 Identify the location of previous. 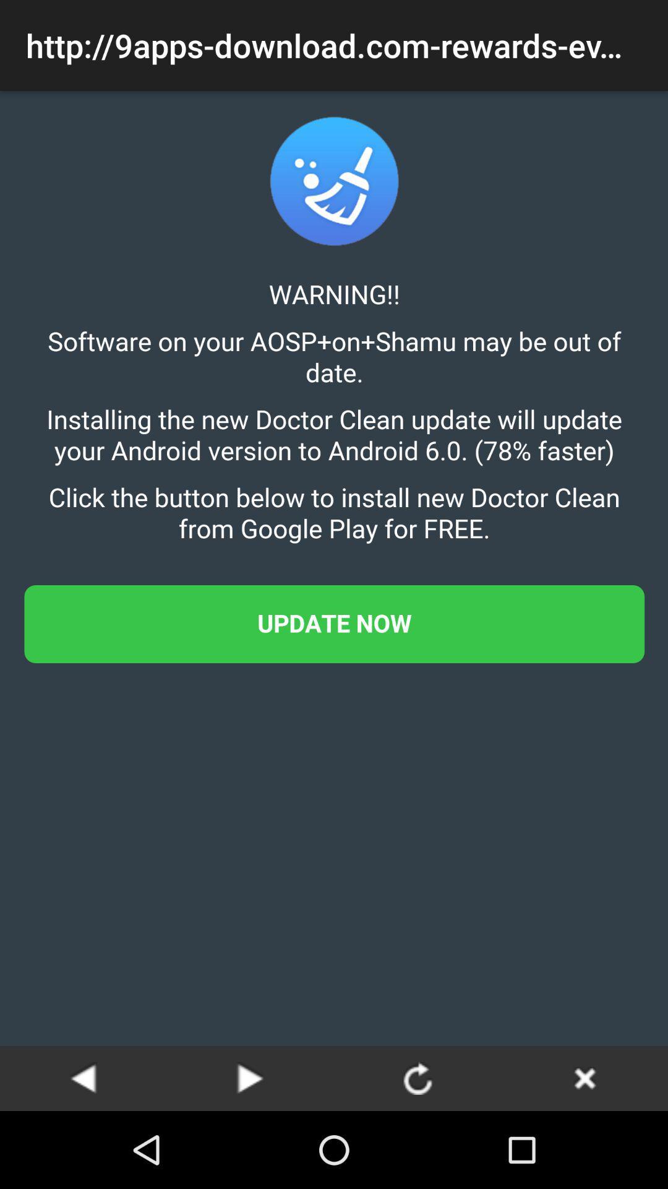
(83, 1078).